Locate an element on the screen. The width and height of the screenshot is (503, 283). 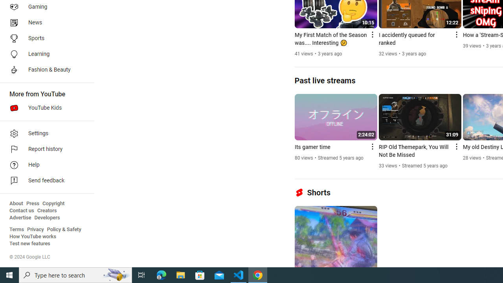
'Past live streams' is located at coordinates (325, 80).